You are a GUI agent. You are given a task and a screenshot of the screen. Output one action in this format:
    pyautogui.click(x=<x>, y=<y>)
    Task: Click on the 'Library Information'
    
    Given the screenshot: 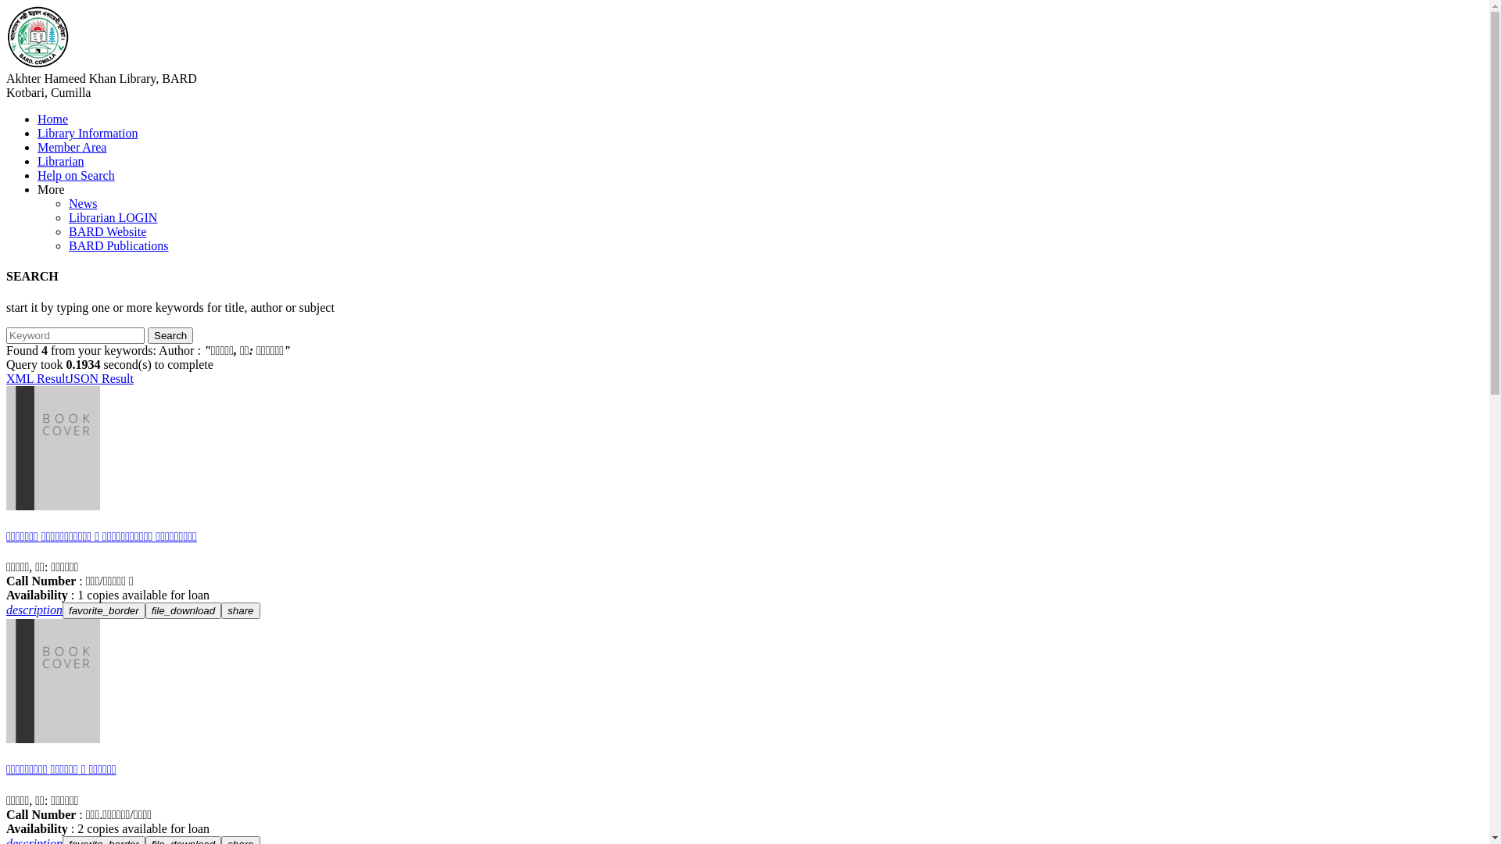 What is the action you would take?
    pyautogui.click(x=86, y=132)
    